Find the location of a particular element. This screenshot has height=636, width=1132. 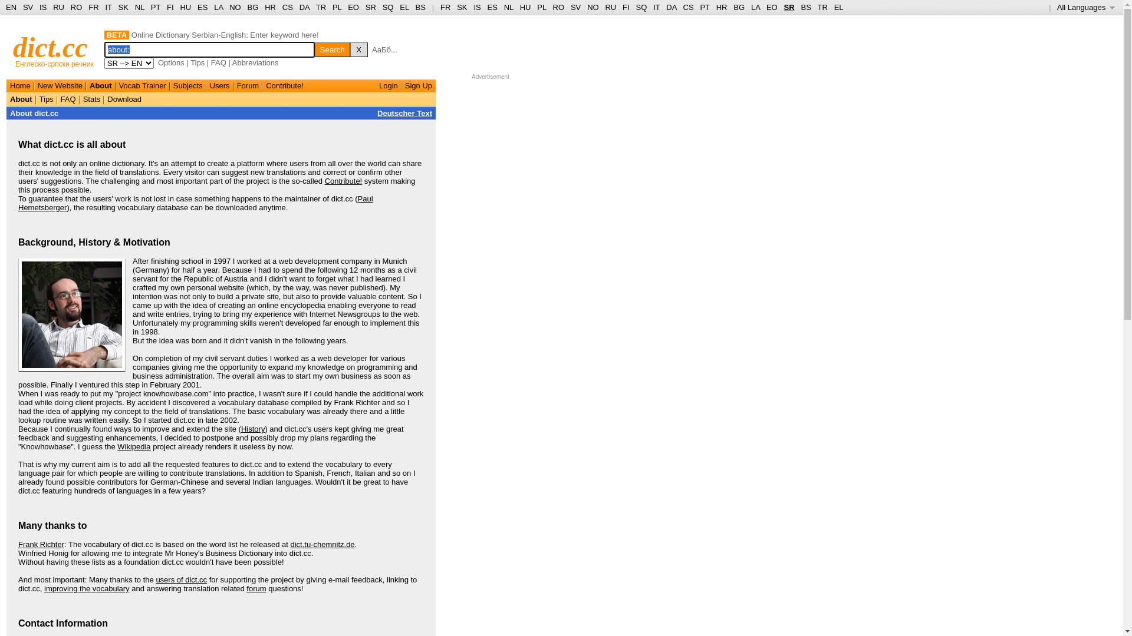

'LA' is located at coordinates (755, 7).